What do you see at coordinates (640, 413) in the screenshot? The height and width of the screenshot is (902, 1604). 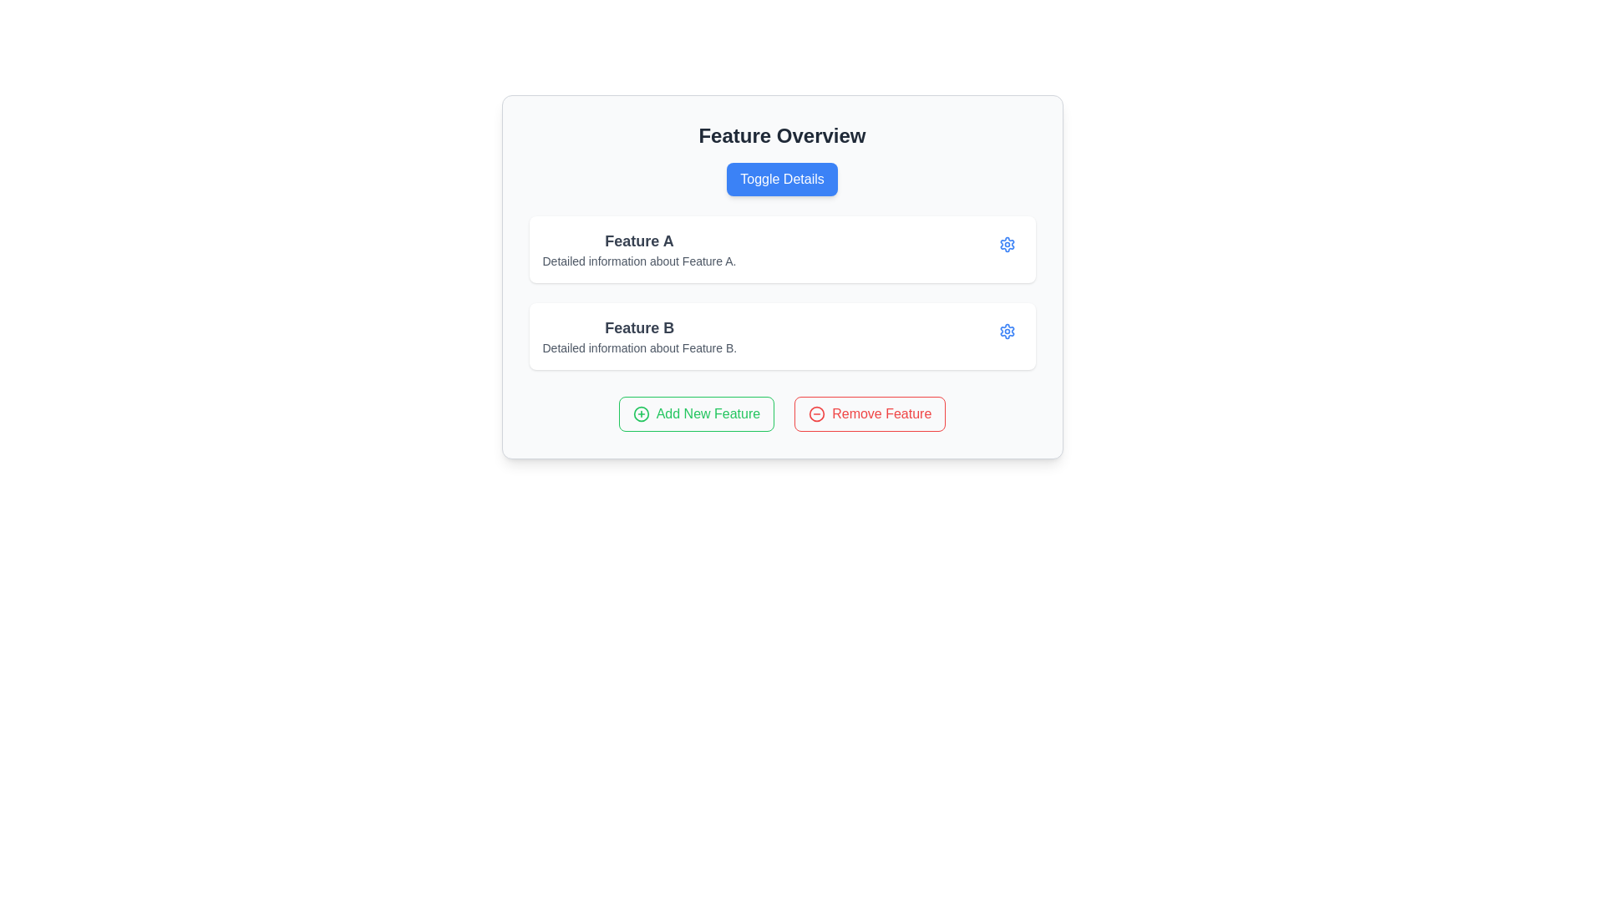 I see `the circular icon with a plus sign, which has a green border and is located to the left of the text 'Add New Feature'` at bounding box center [640, 413].